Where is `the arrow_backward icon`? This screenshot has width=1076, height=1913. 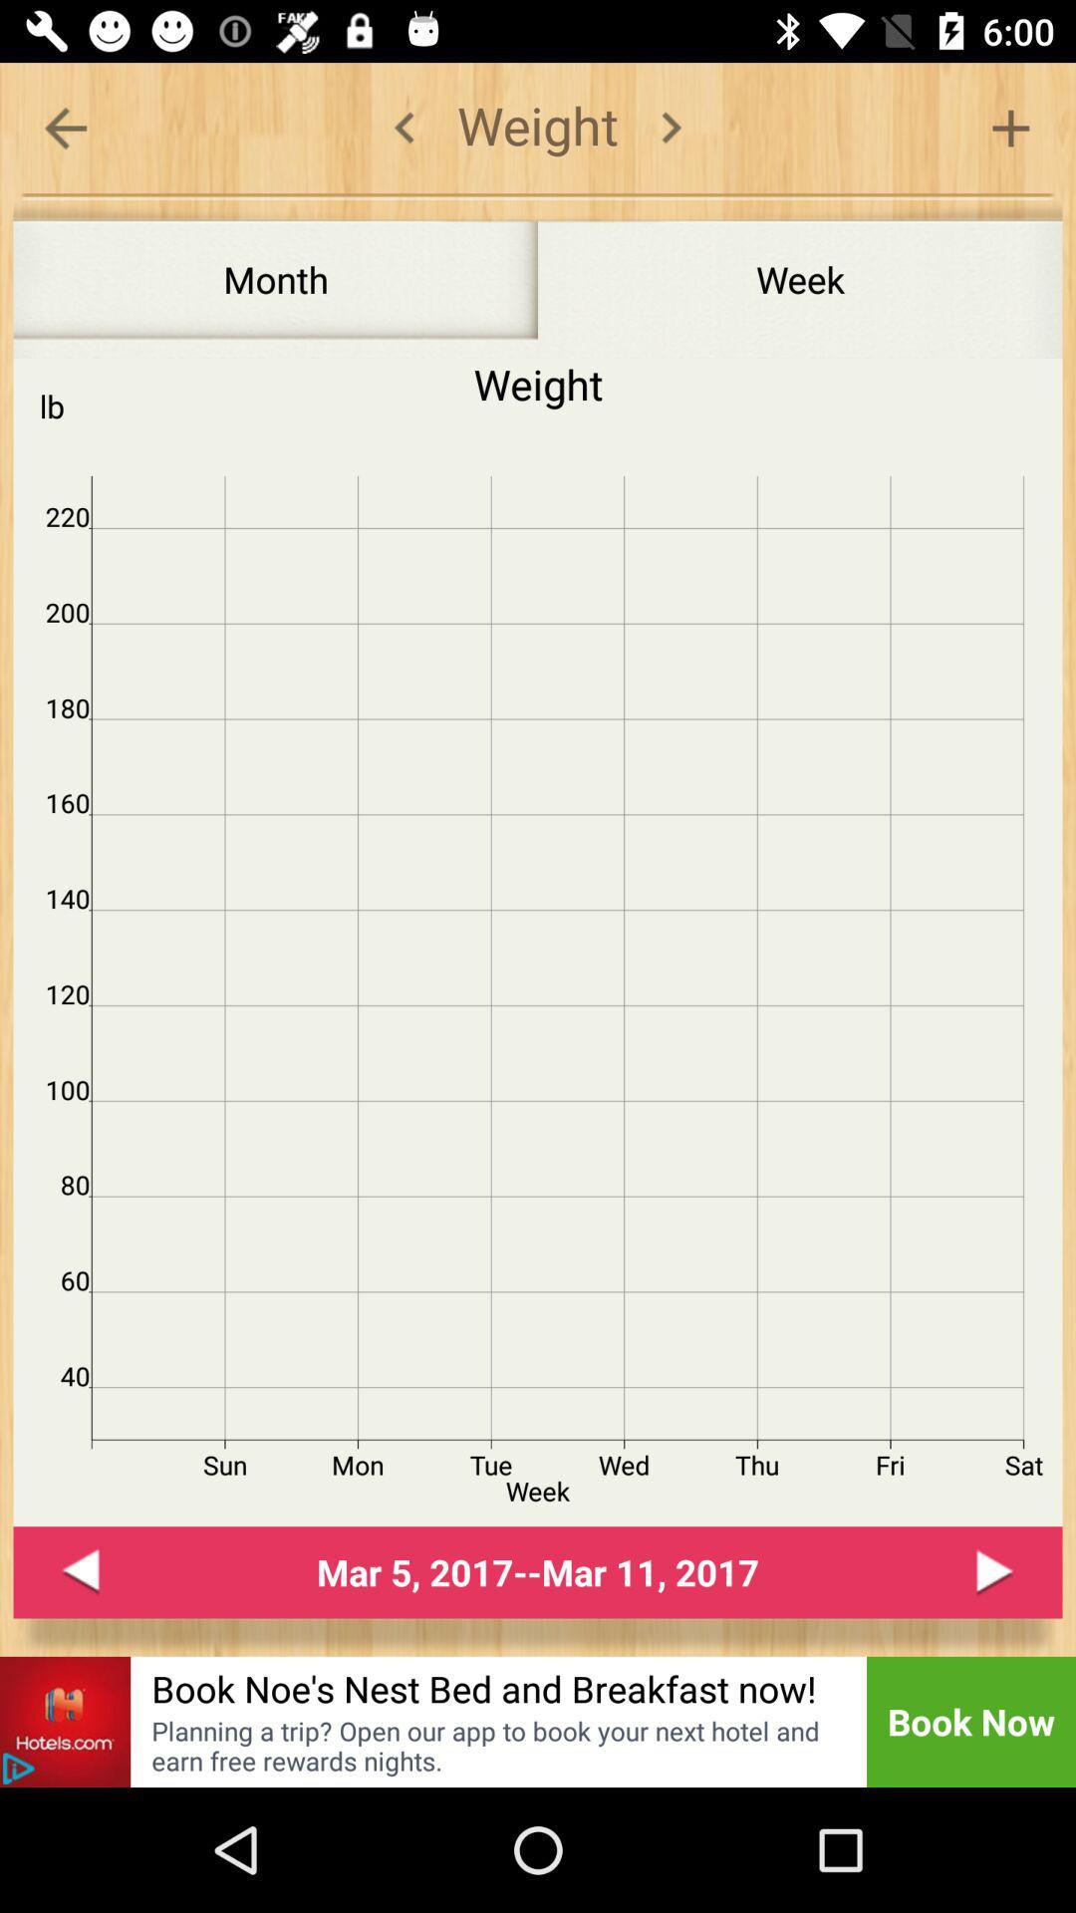 the arrow_backward icon is located at coordinates (403, 127).